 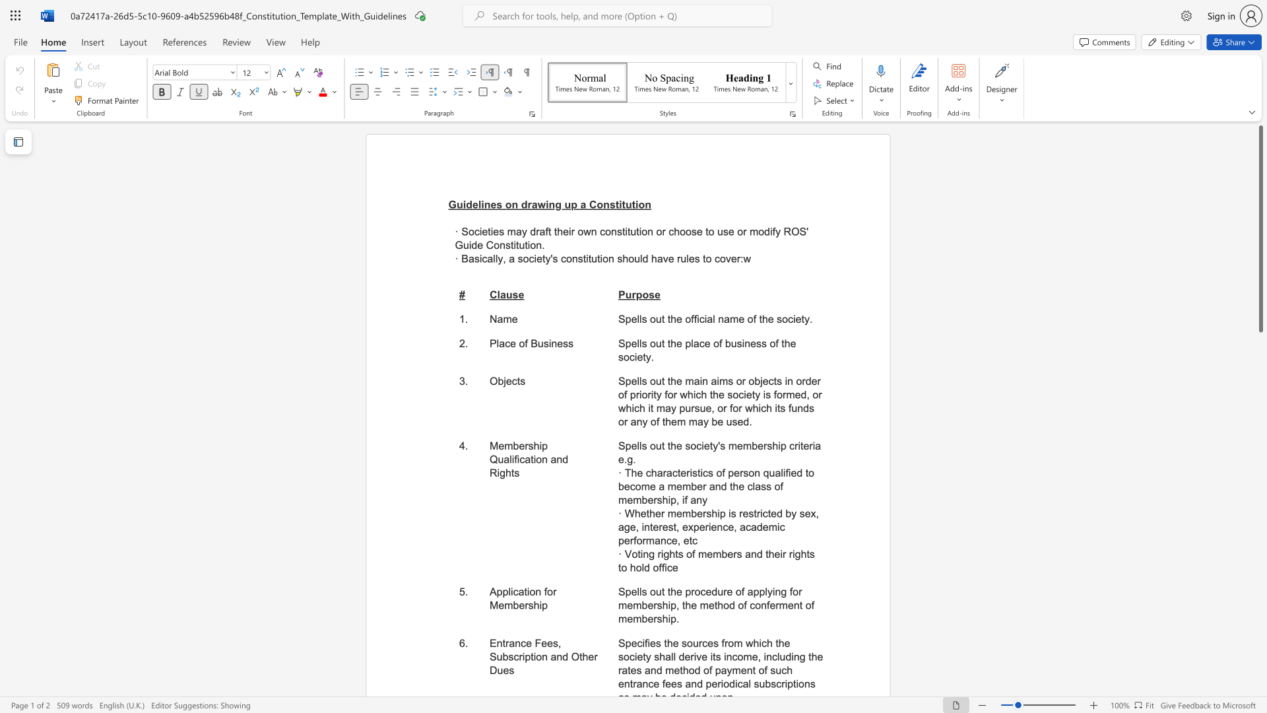 What do you see at coordinates (1260, 621) in the screenshot?
I see `the scrollbar on the right to shift the page lower` at bounding box center [1260, 621].